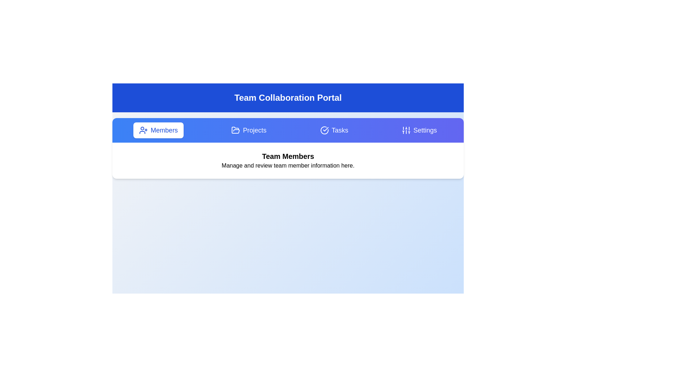  What do you see at coordinates (419, 130) in the screenshot?
I see `the fourth button in the horizontal navigation bar near the top of the interface to observe any visual feedback` at bounding box center [419, 130].